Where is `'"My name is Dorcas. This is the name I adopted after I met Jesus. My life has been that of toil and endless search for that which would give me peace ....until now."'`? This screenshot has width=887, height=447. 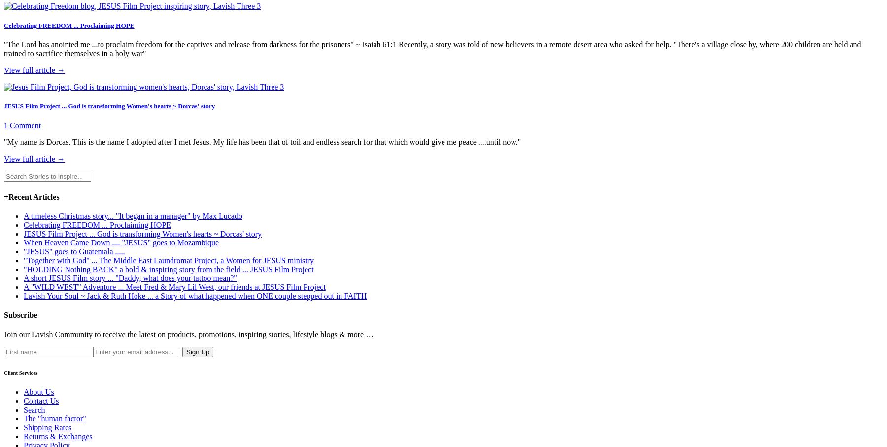 '"My name is Dorcas. This is the name I adopted after I met Jesus. My life has been that of toil and endless search for that which would give me peace ....until now."' is located at coordinates (262, 141).